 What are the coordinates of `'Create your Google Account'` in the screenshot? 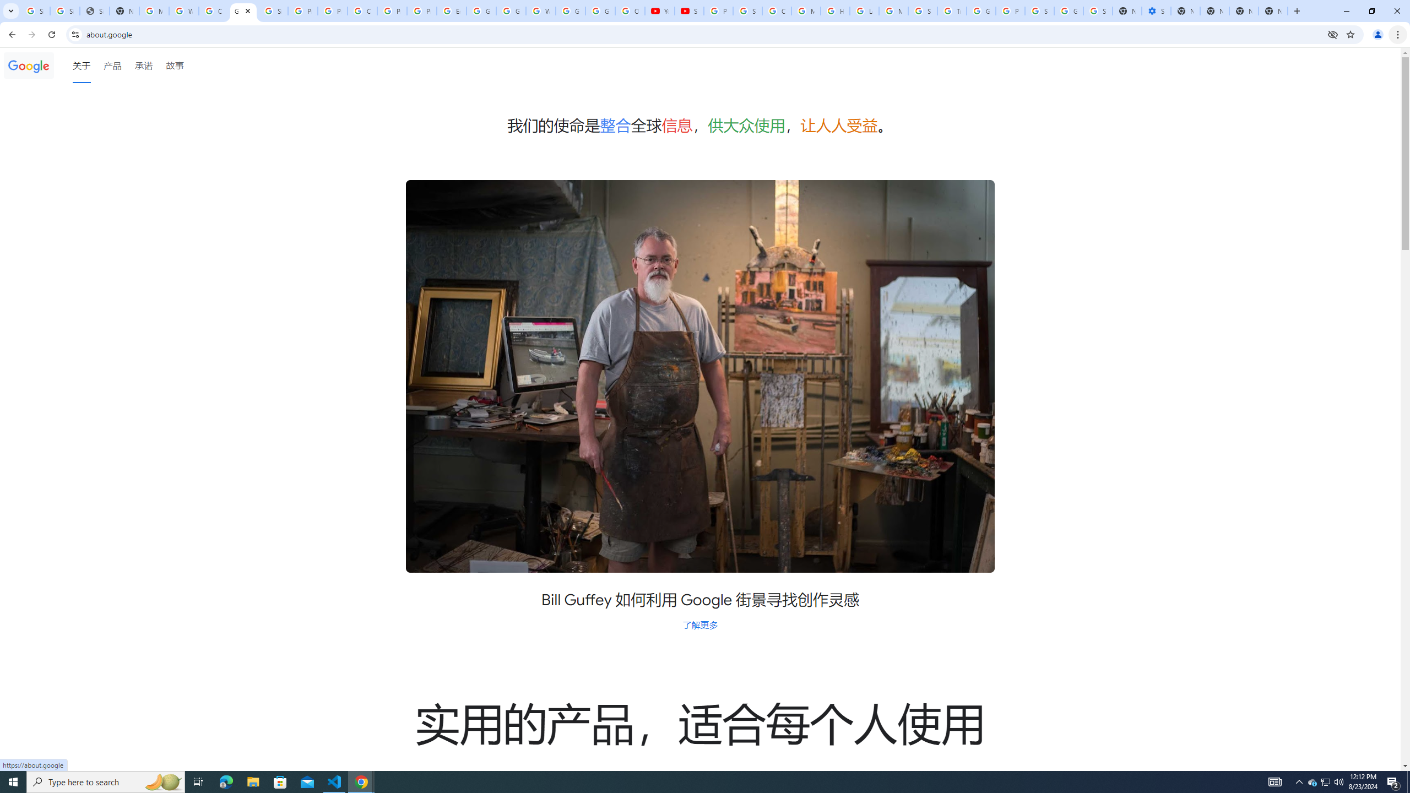 It's located at (361, 10).